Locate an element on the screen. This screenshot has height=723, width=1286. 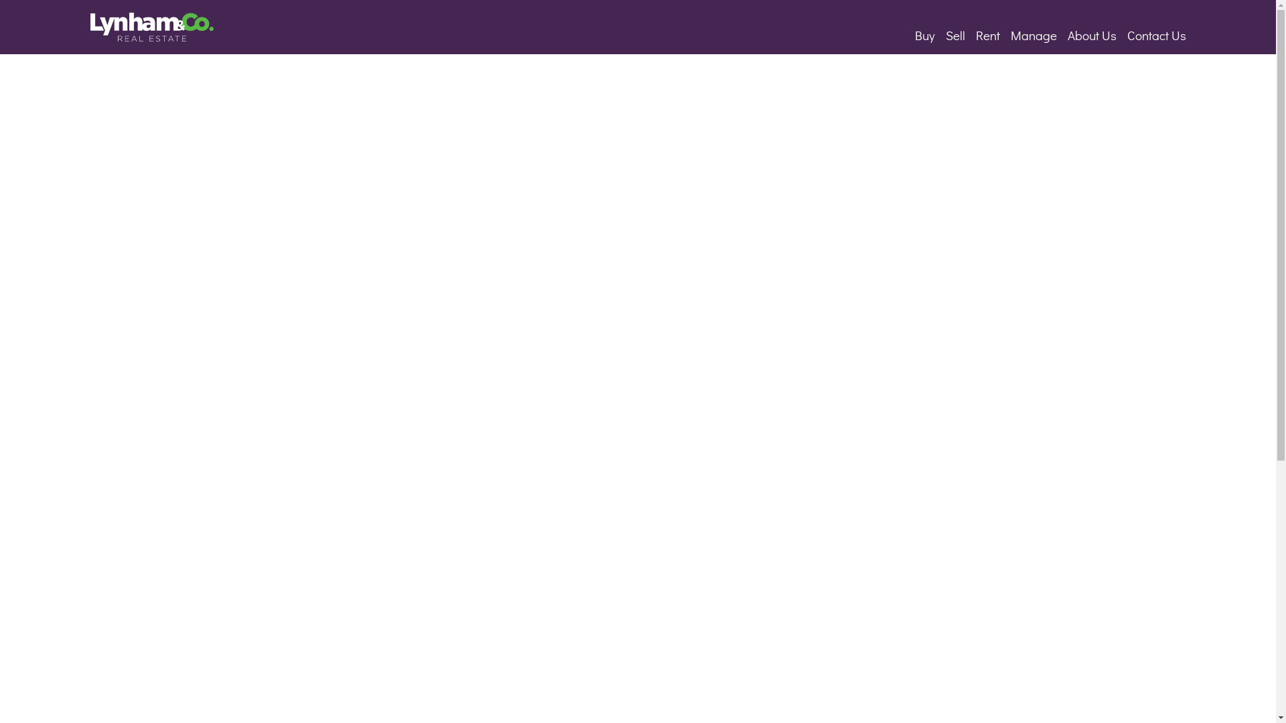
'Sell' is located at coordinates (939, 34).